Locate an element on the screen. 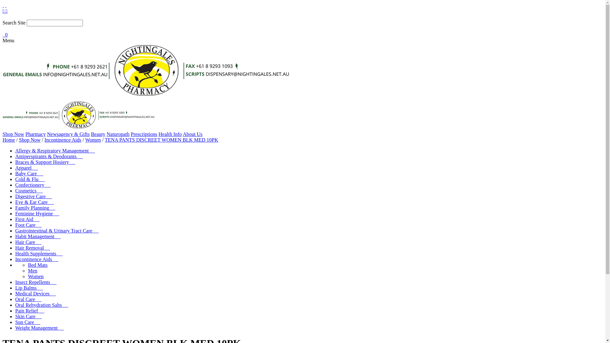 The width and height of the screenshot is (610, 343). 'Beauty' is located at coordinates (98, 134).